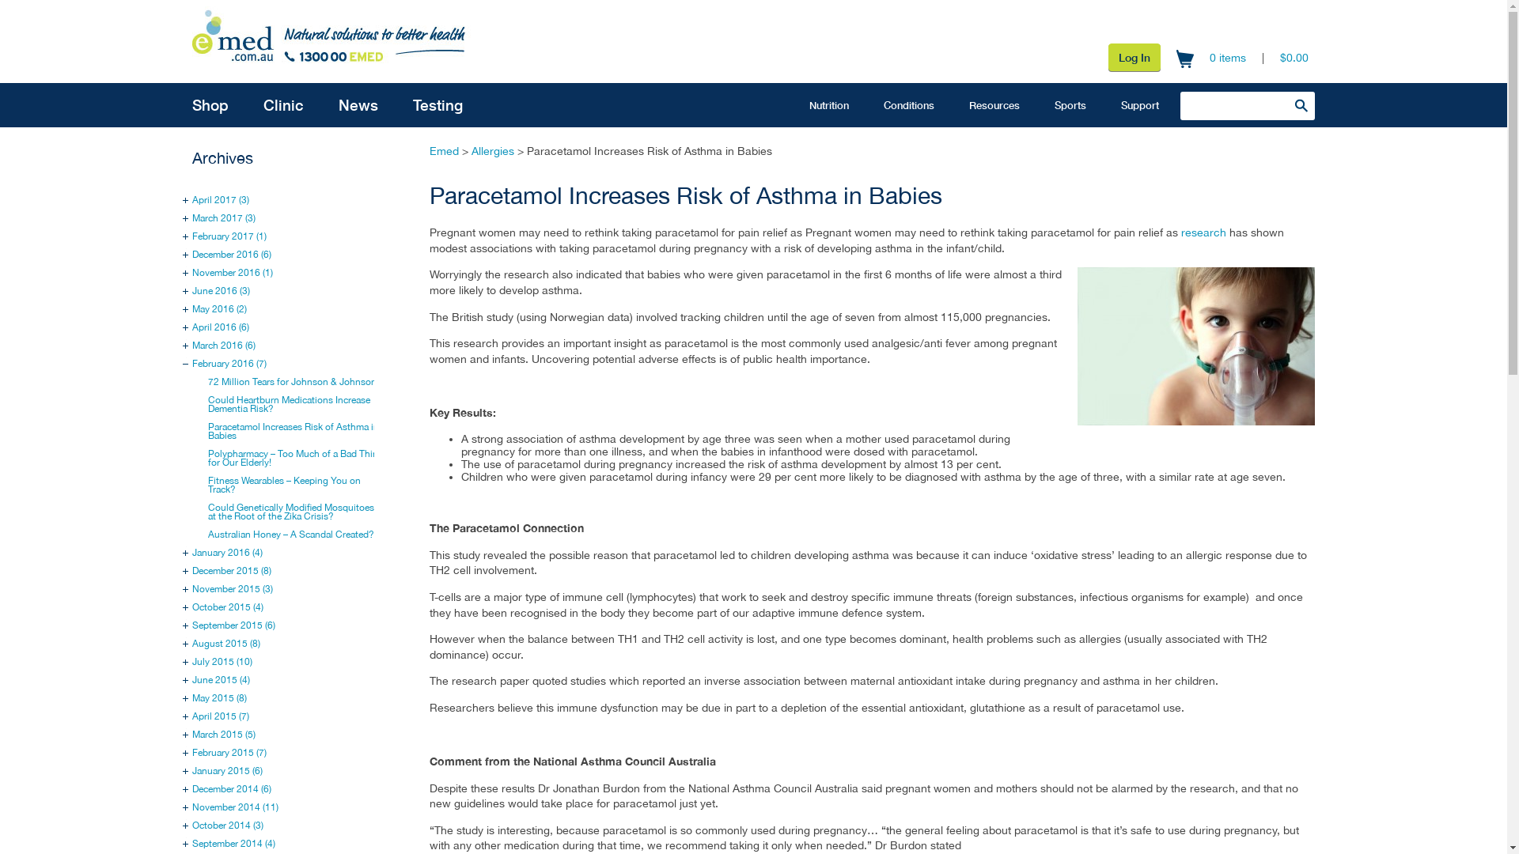 The height and width of the screenshot is (854, 1519). What do you see at coordinates (1103, 104) in the screenshot?
I see `'Support'` at bounding box center [1103, 104].